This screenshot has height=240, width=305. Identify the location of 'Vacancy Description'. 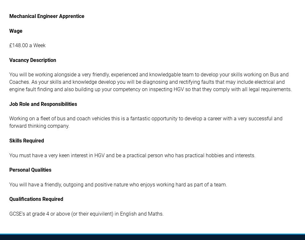
(33, 59).